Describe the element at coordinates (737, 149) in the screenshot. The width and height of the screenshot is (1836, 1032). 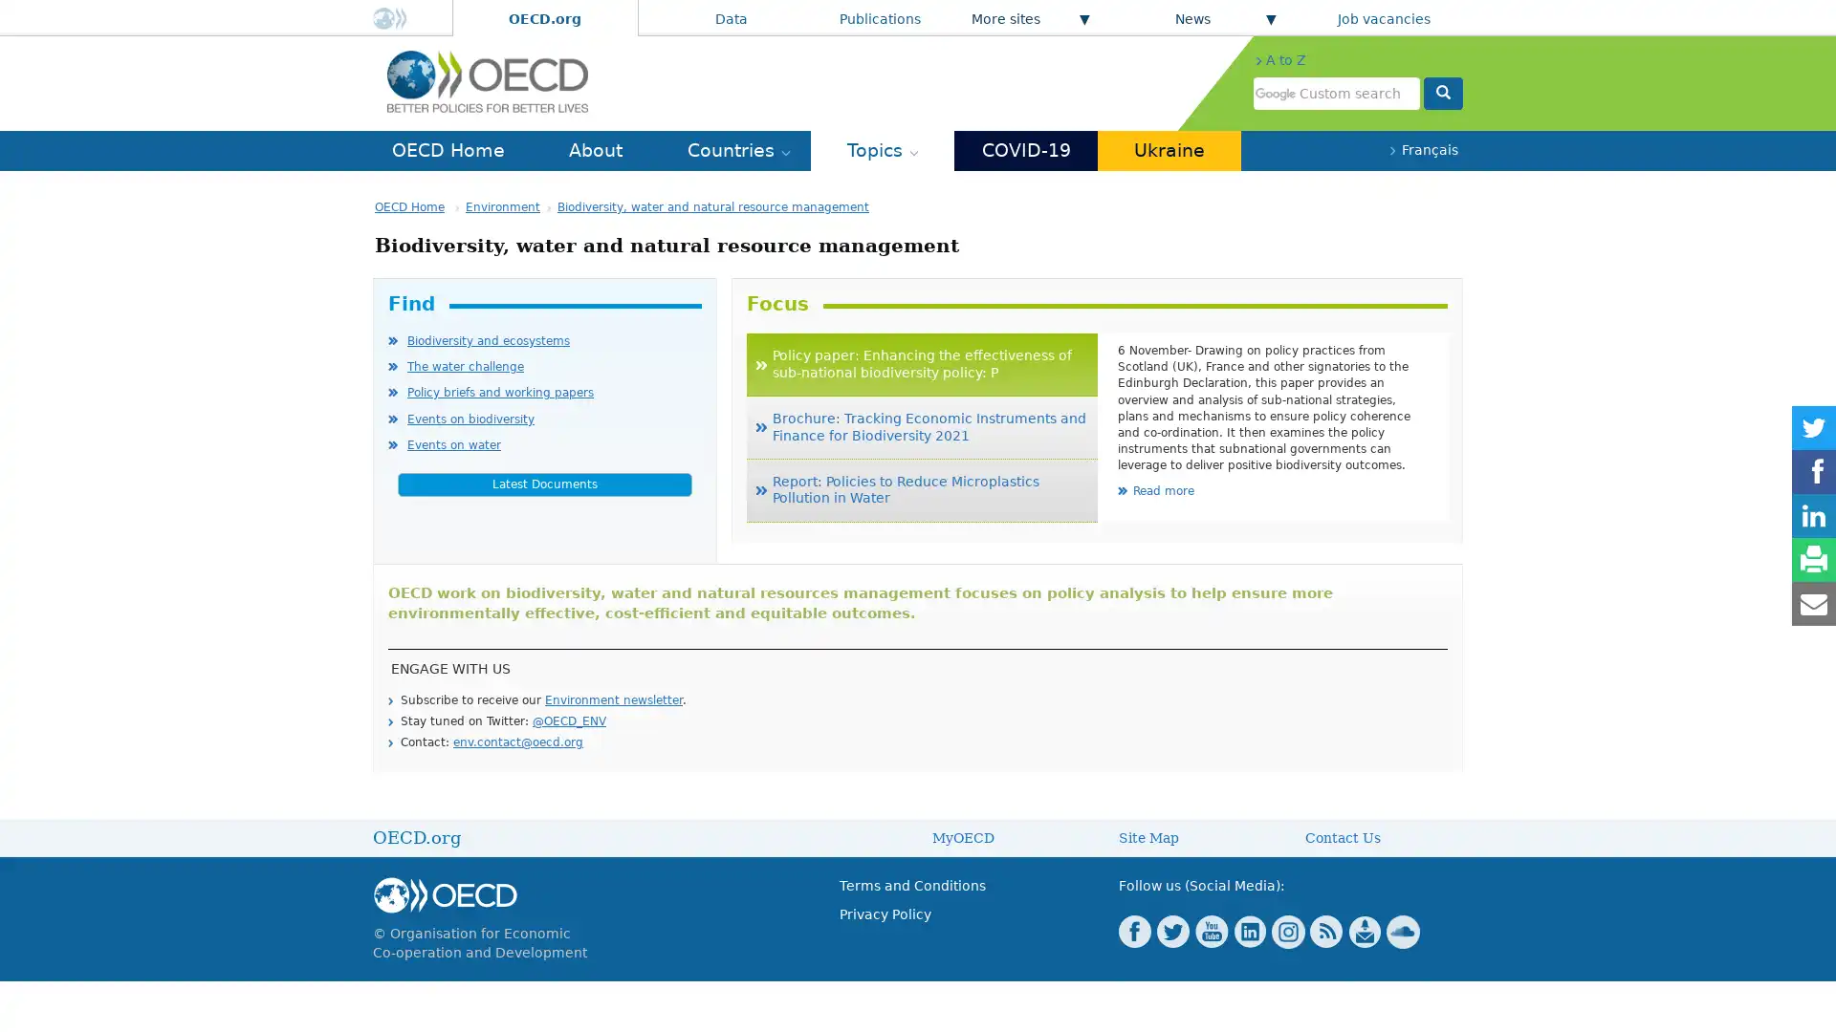
I see `Countries` at that location.